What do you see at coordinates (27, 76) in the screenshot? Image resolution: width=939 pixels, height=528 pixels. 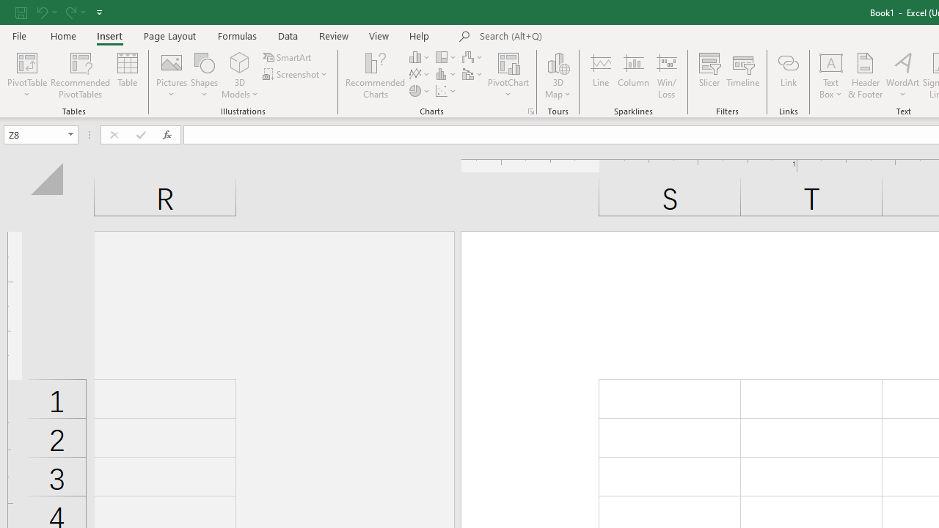 I see `'PivotTable'` at bounding box center [27, 76].